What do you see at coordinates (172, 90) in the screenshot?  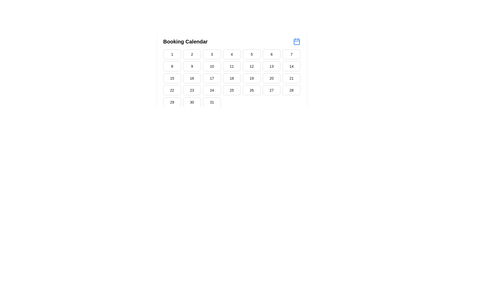 I see `the rounded rectangular button with a white background and the number '22' in black text` at bounding box center [172, 90].